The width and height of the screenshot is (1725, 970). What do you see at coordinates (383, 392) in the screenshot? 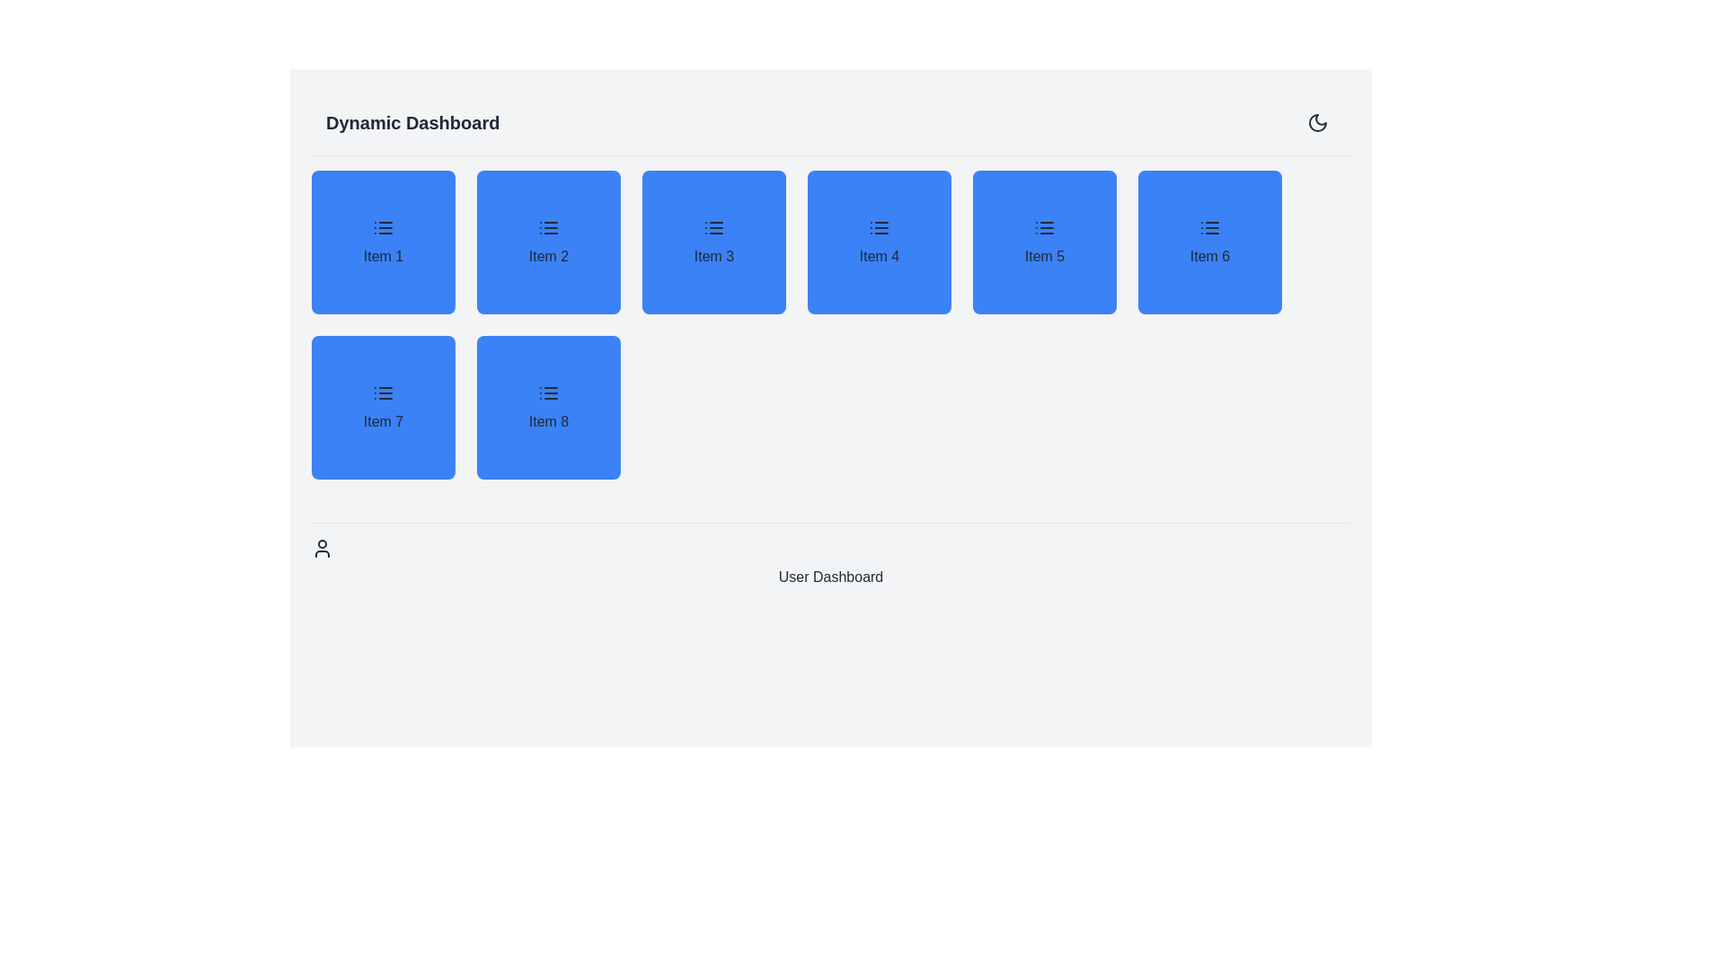
I see `the small bulleted list icon located in the blue tile labeled 'Item 7' at the bottom-left part of the dashboard` at bounding box center [383, 392].